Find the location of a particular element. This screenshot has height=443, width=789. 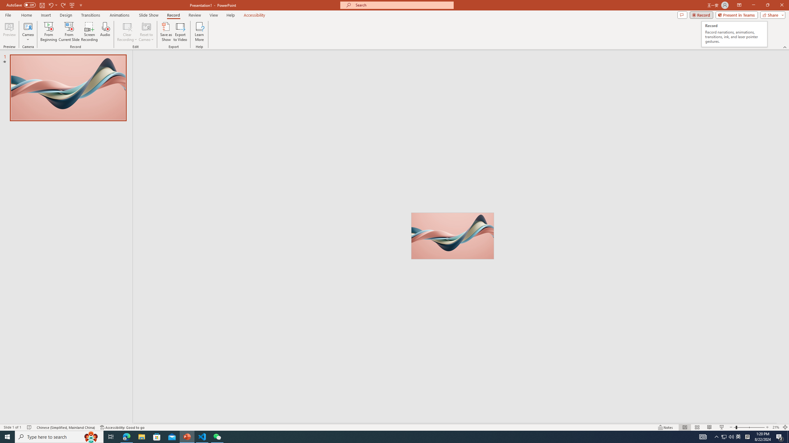

'Clear Recording' is located at coordinates (127, 32).